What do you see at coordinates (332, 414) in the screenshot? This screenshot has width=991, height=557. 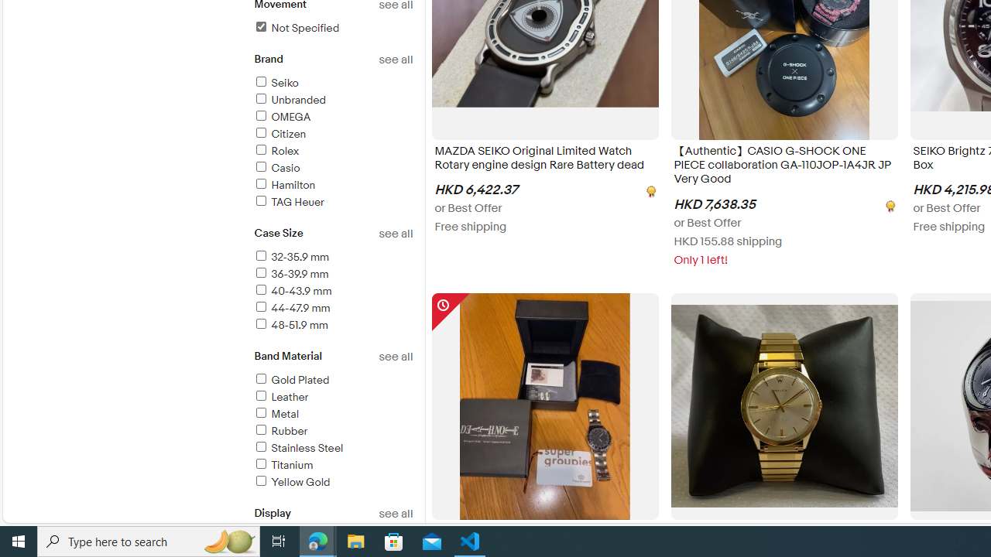 I see `'Metal'` at bounding box center [332, 414].